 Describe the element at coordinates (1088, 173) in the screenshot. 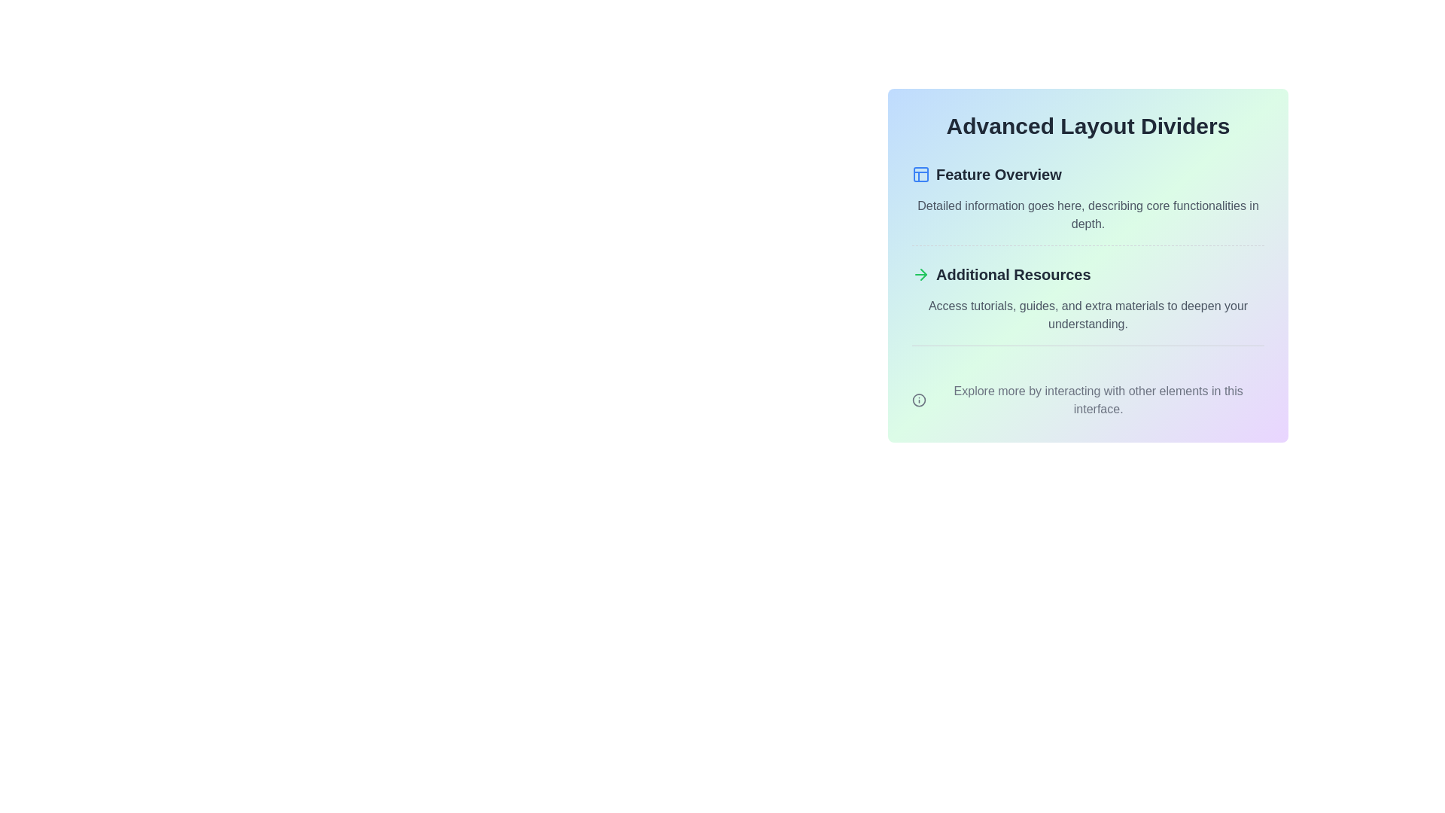

I see `the 'Feature Overview' heading with the layout icon` at that location.